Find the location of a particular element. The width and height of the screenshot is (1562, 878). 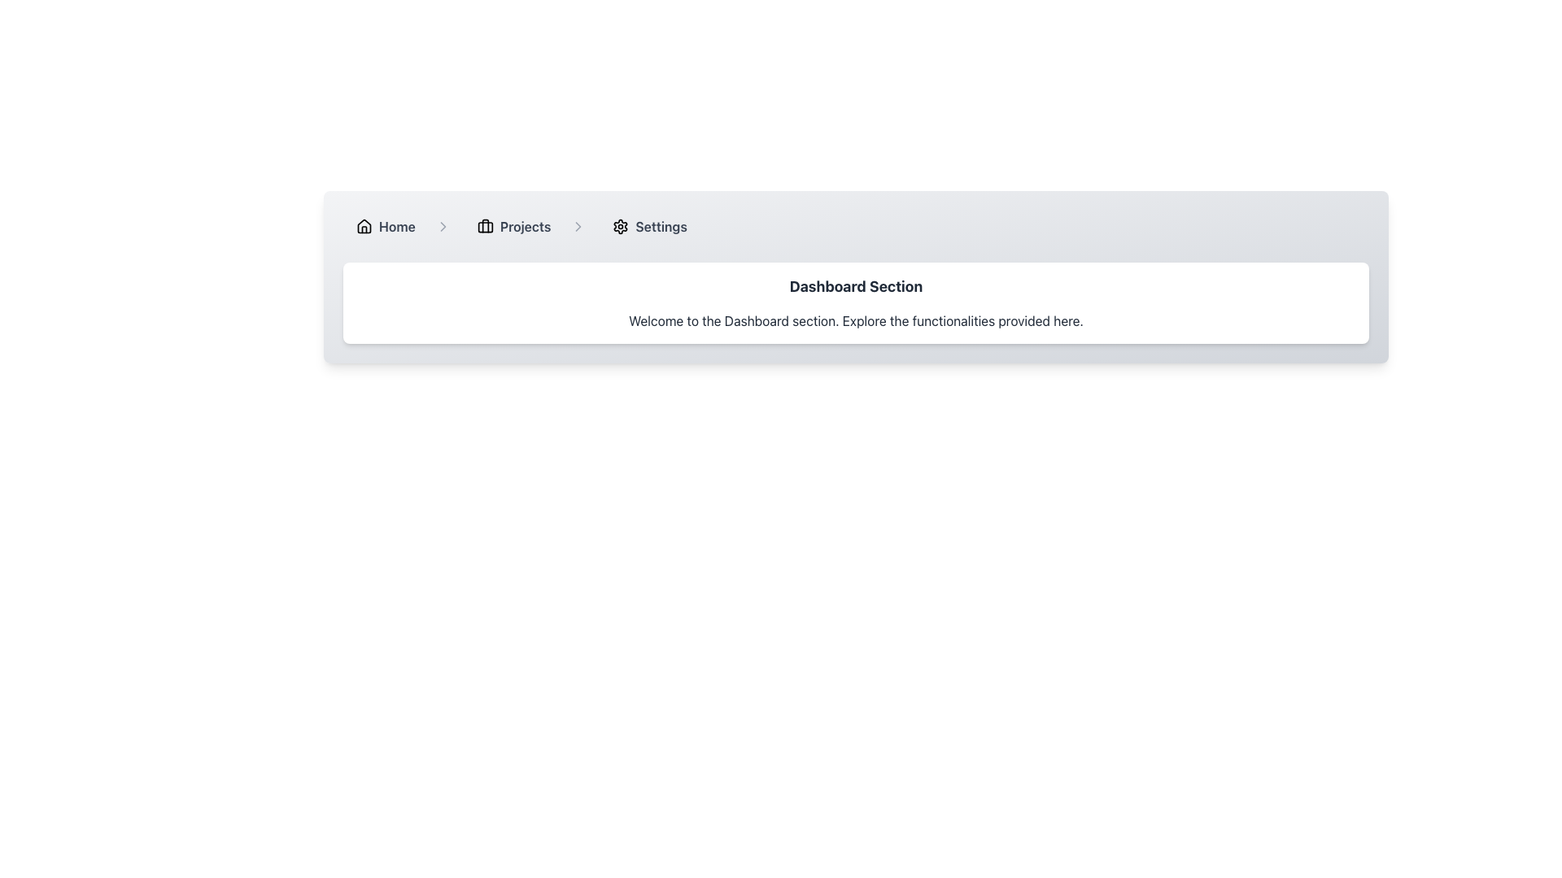

the gear-shaped icon located in the navigation menu bar, adjacent to the text 'Settings', to check for additional information is located at coordinates (620, 226).